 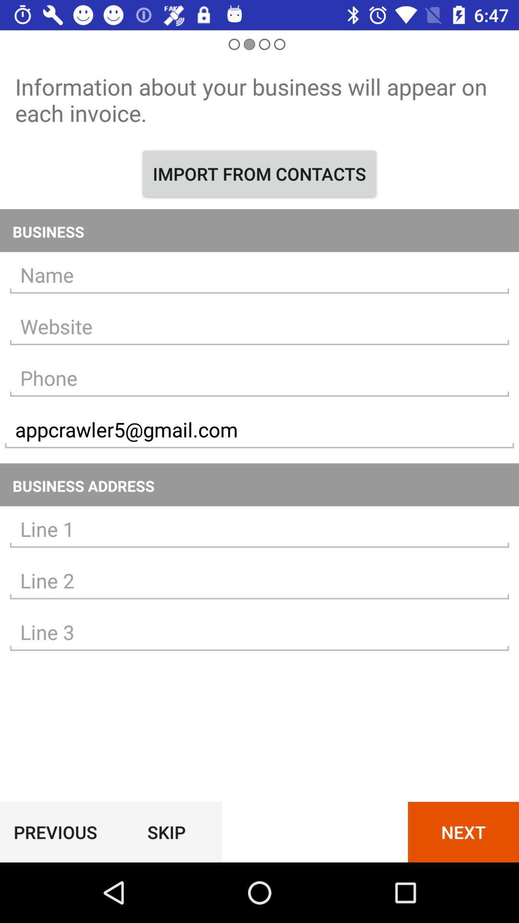 I want to click on typed number, so click(x=259, y=378).